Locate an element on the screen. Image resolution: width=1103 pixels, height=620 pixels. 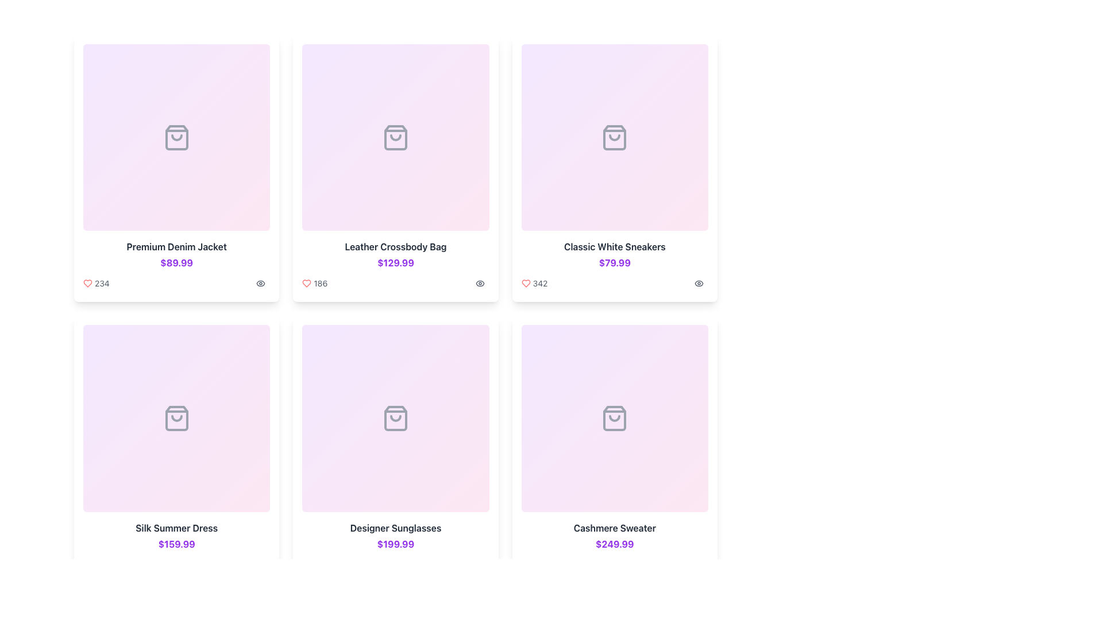
the icon with a rounded corner background featuring a gradient from soft purple to pink, containing a gray shopping bag icon with a heart shape, located at the center of the 'Cashmere Sweater' product card is located at coordinates (614, 418).